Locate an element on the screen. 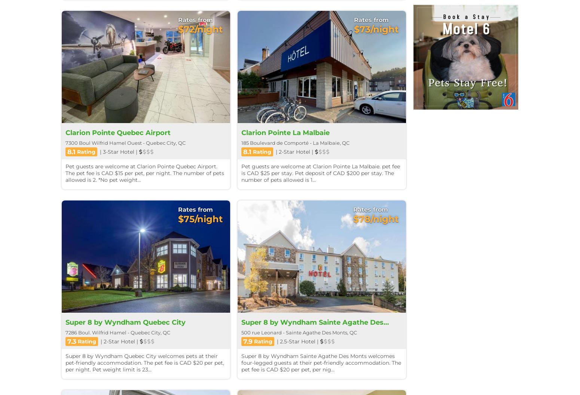 Image resolution: width=580 pixels, height=395 pixels. '$73/night' is located at coordinates (376, 28).